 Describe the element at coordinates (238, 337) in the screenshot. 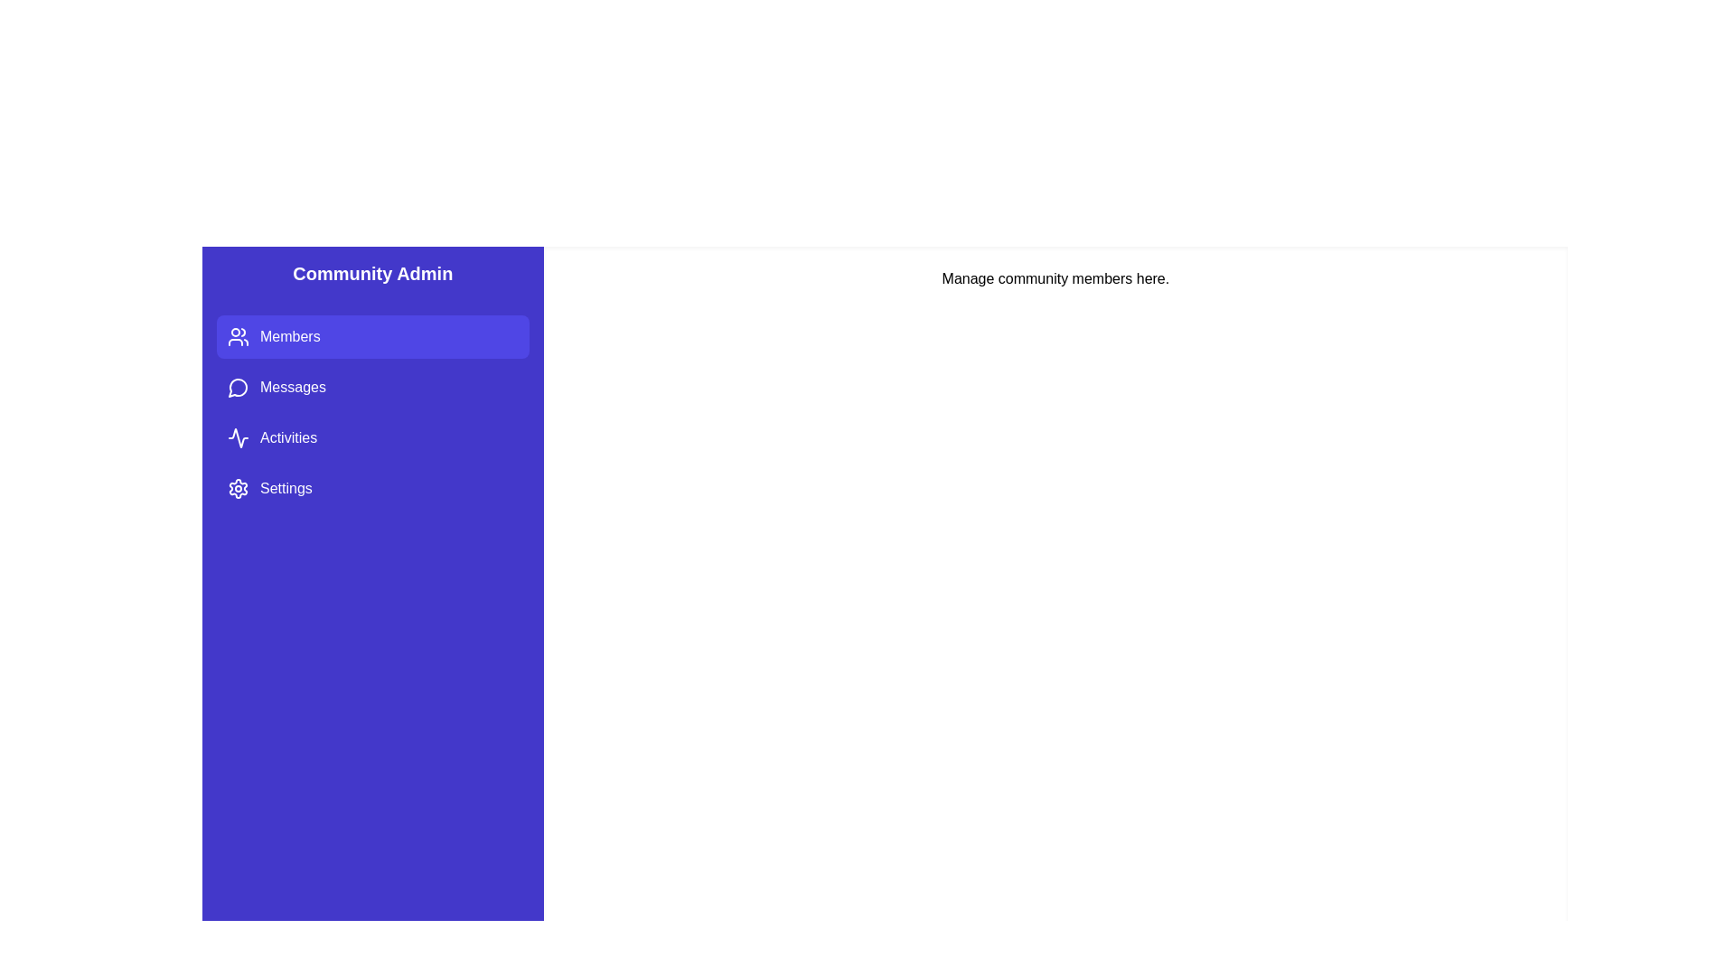

I see `the 'Members' icon, which is a minimalistic vector icon of a group of people located in the left-side navigation panel, above the 'Messages', 'Activities', and 'Settings' icons` at that location.